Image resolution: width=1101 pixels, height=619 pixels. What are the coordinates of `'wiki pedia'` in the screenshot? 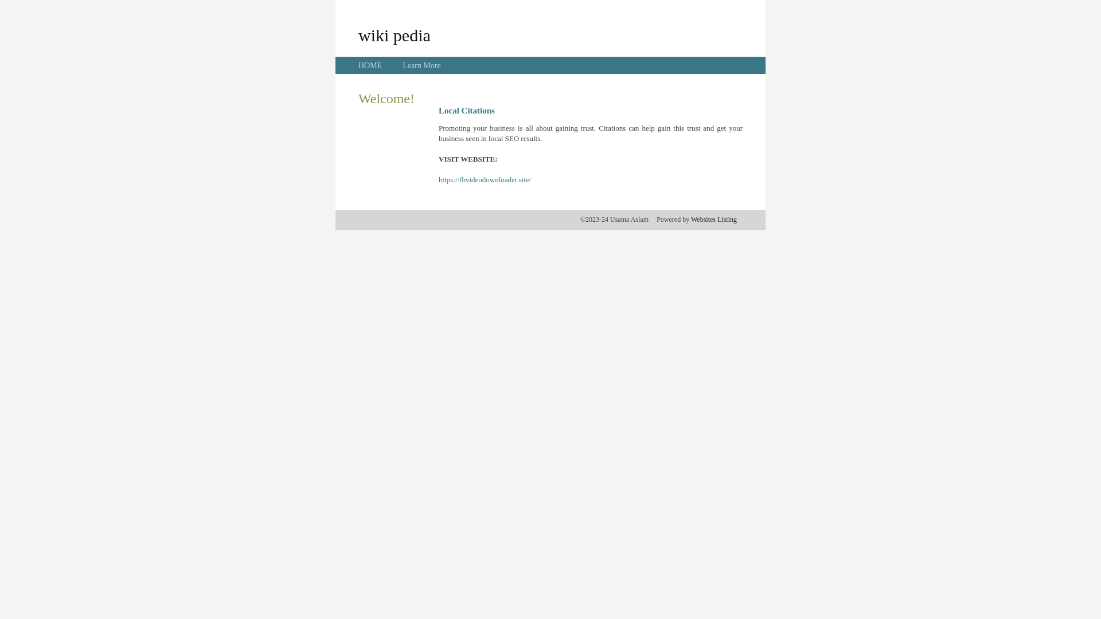 It's located at (394, 34).